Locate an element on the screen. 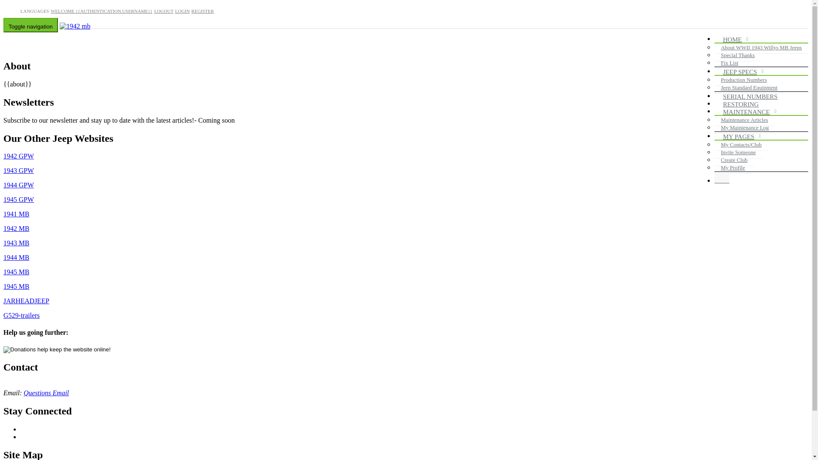 The image size is (818, 460). 'Create Club' is located at coordinates (734, 160).